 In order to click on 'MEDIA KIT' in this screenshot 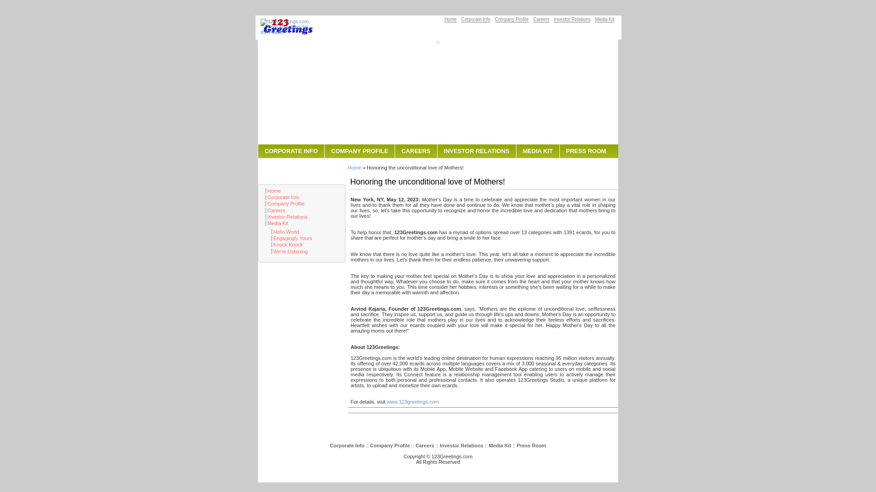, I will do `click(537, 150)`.